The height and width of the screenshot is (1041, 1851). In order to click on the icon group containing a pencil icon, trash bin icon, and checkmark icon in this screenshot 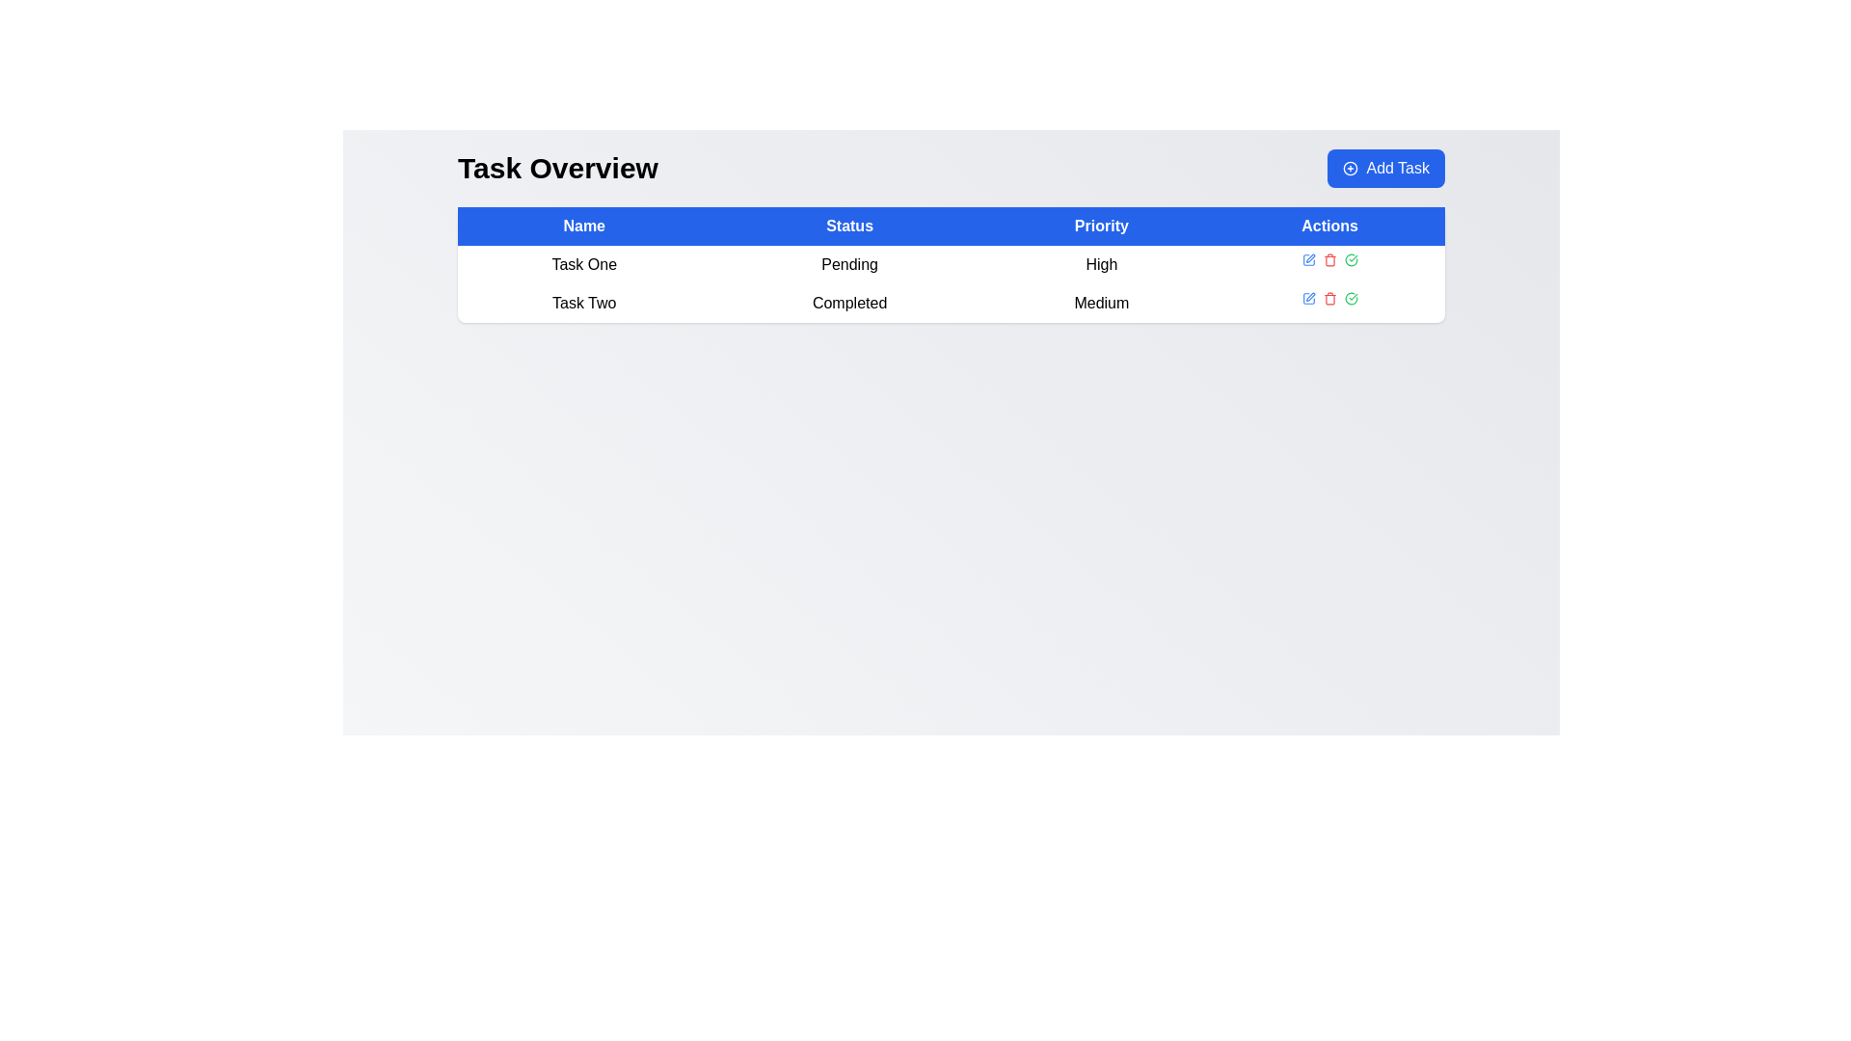, I will do `click(1328, 298)`.